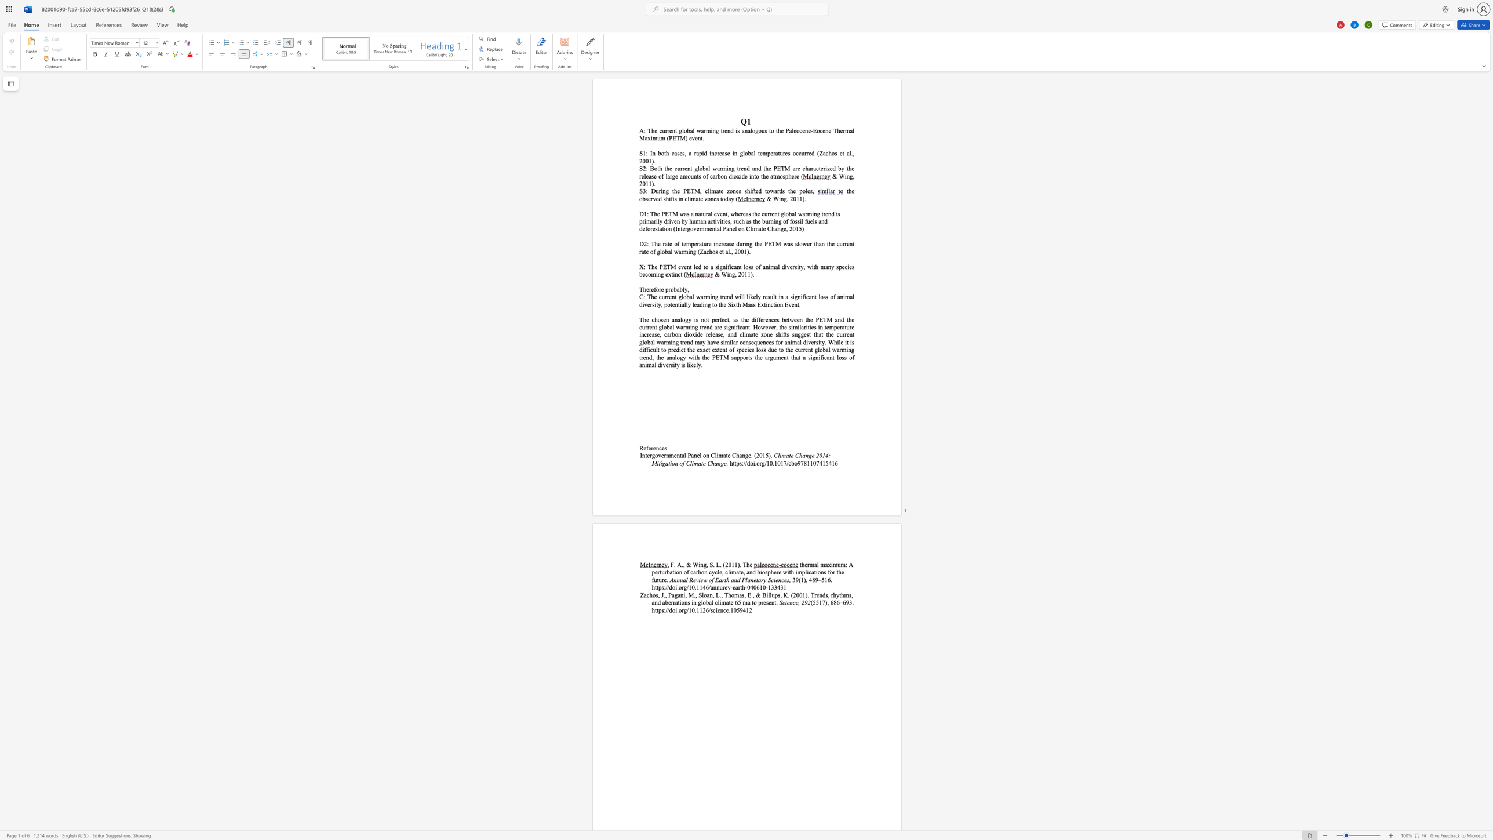 The height and width of the screenshot is (840, 1493). Describe the element at coordinates (643, 448) in the screenshot. I see `the space between the continuous character "R" and "e" in the text` at that location.